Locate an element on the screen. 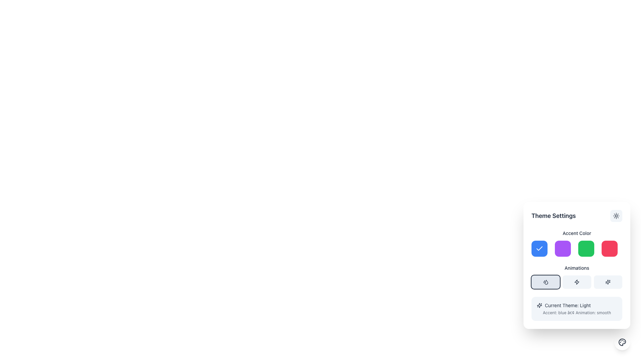 This screenshot has width=641, height=361. the static informational label displaying 'Current Theme: Light' with an accompanying small sparkling icon, located in the 'Theme Settings' panel, below 'Accent Color' and 'Animations' is located at coordinates (577, 306).